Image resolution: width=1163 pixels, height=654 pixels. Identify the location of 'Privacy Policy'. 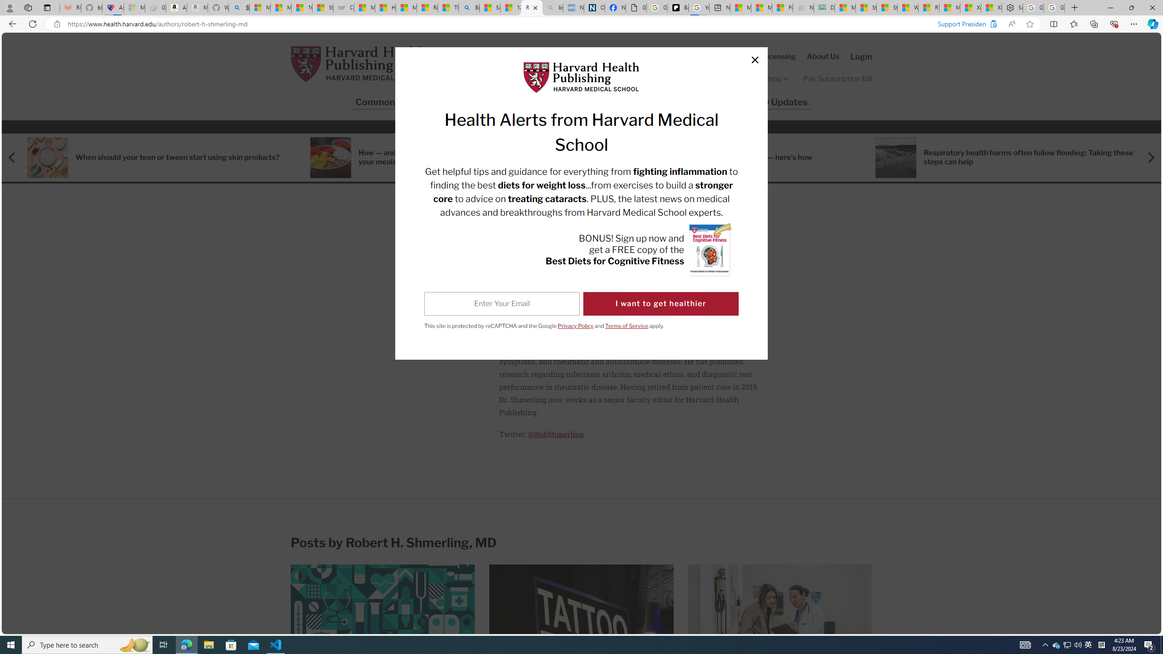
(576, 325).